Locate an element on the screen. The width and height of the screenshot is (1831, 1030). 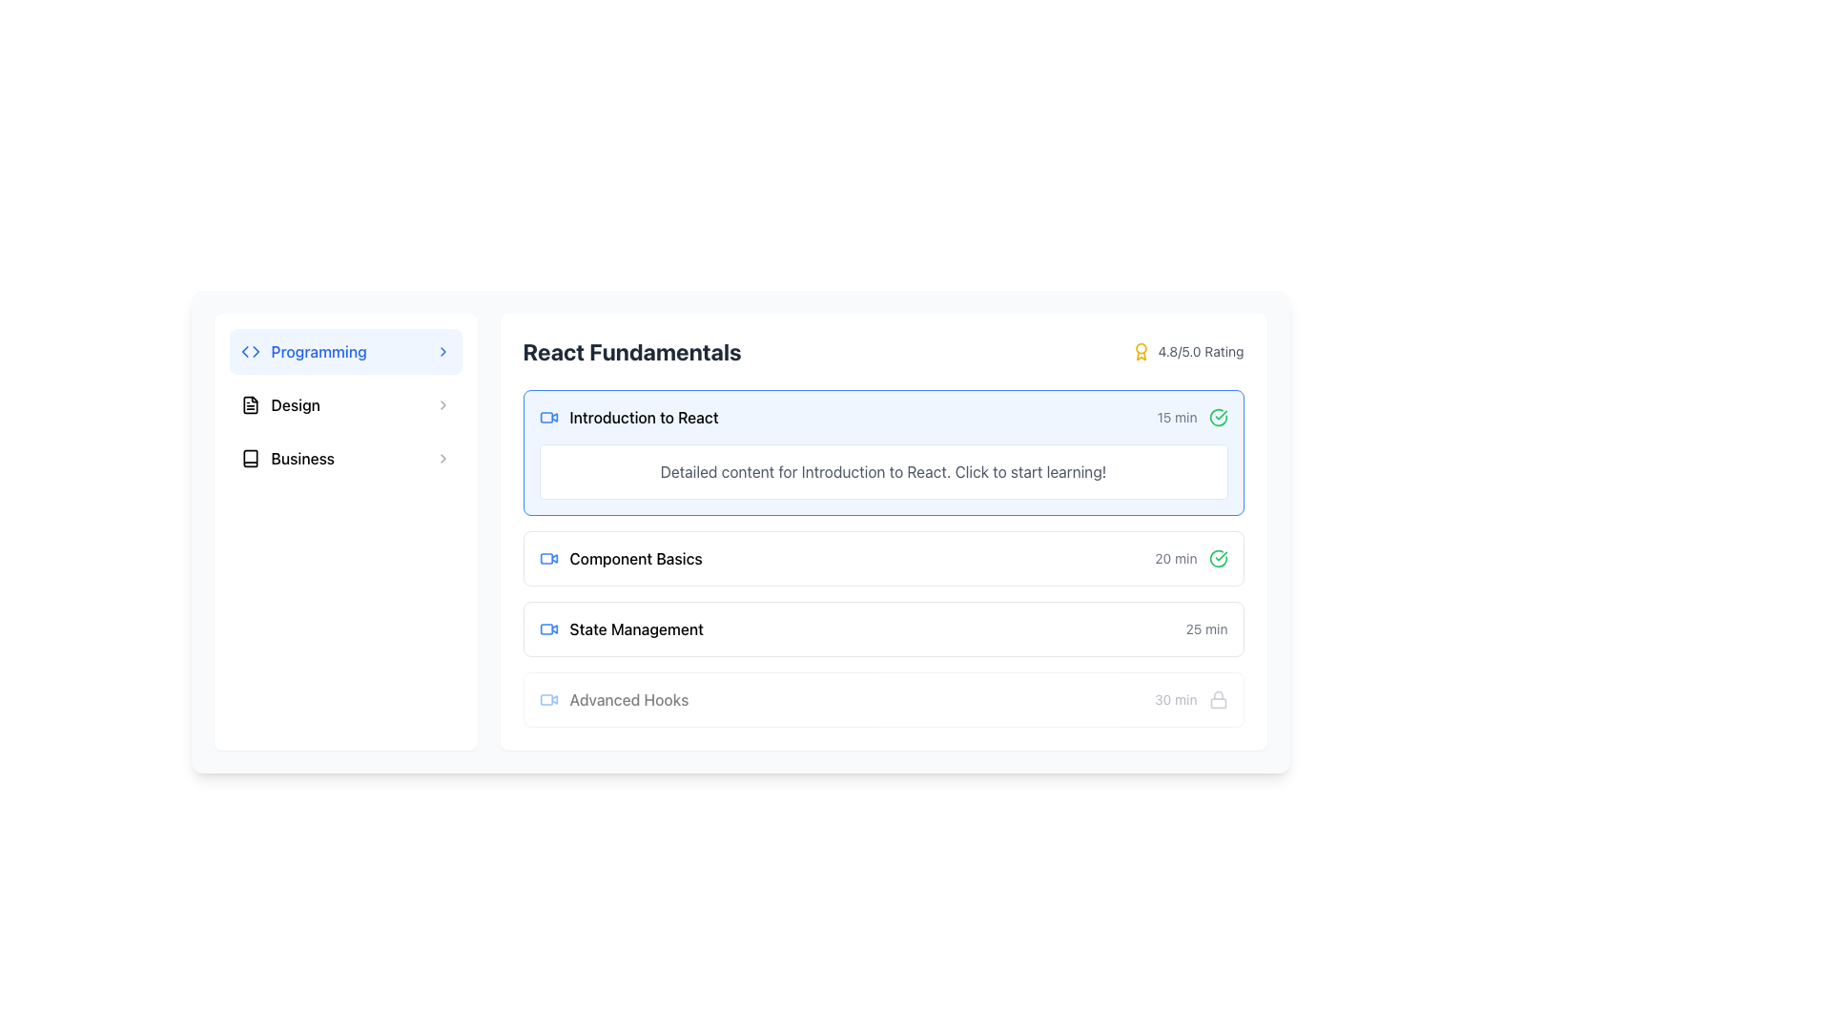
the 'Business' navigation button, which is the third option in the vertical list of the side panel, located below the 'Programming' and 'Design' options is located at coordinates (345, 459).